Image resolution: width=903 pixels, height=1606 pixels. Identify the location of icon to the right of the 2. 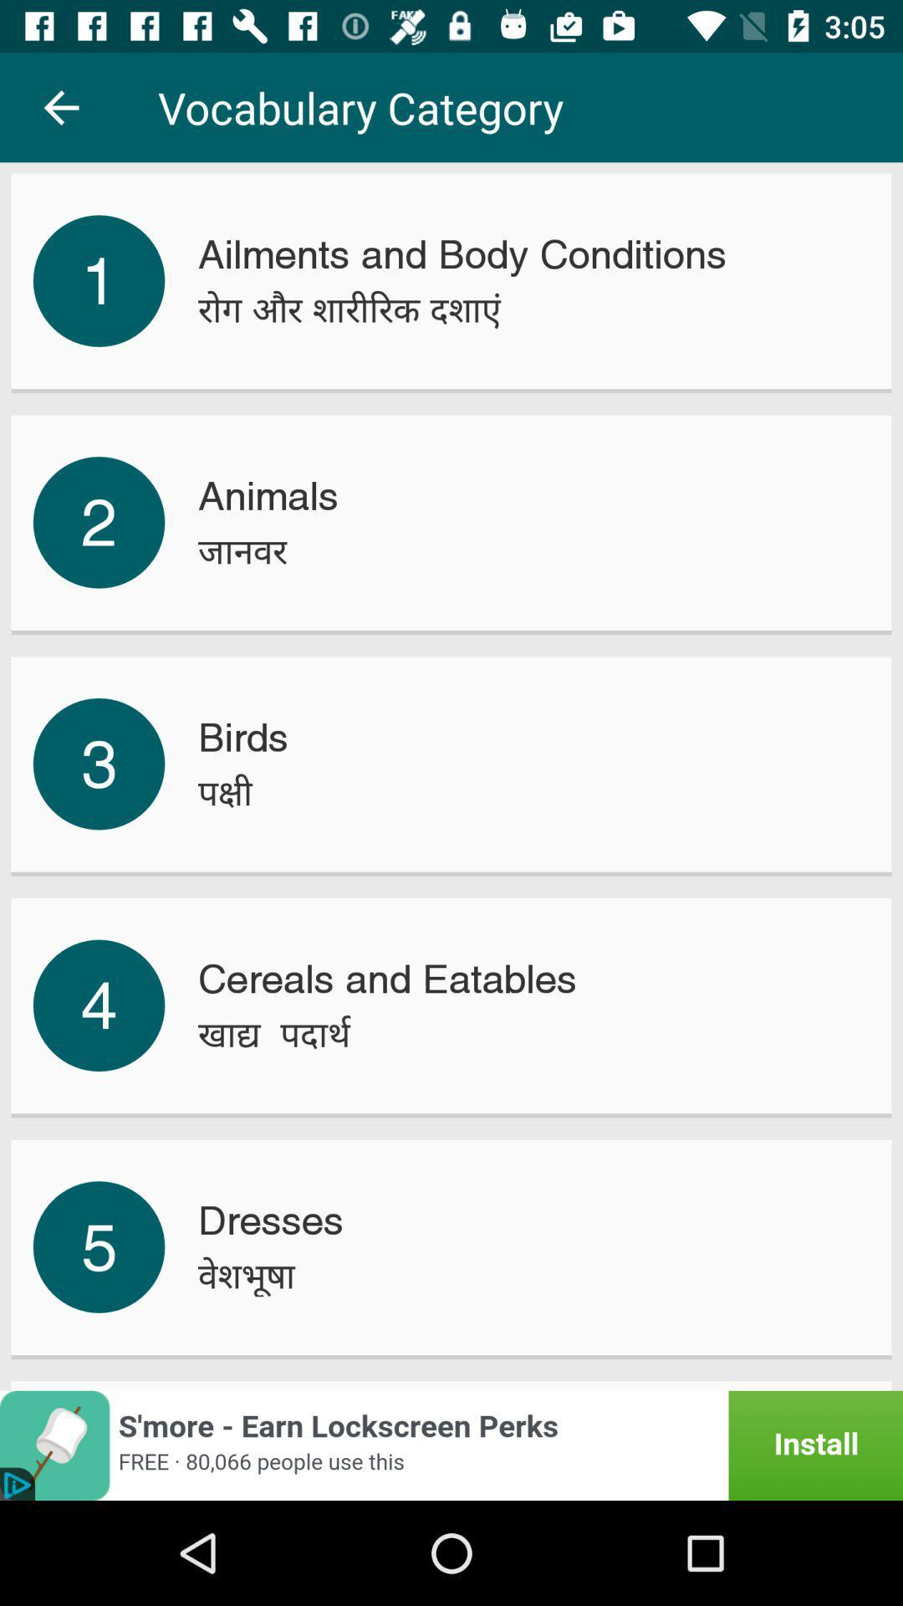
(267, 495).